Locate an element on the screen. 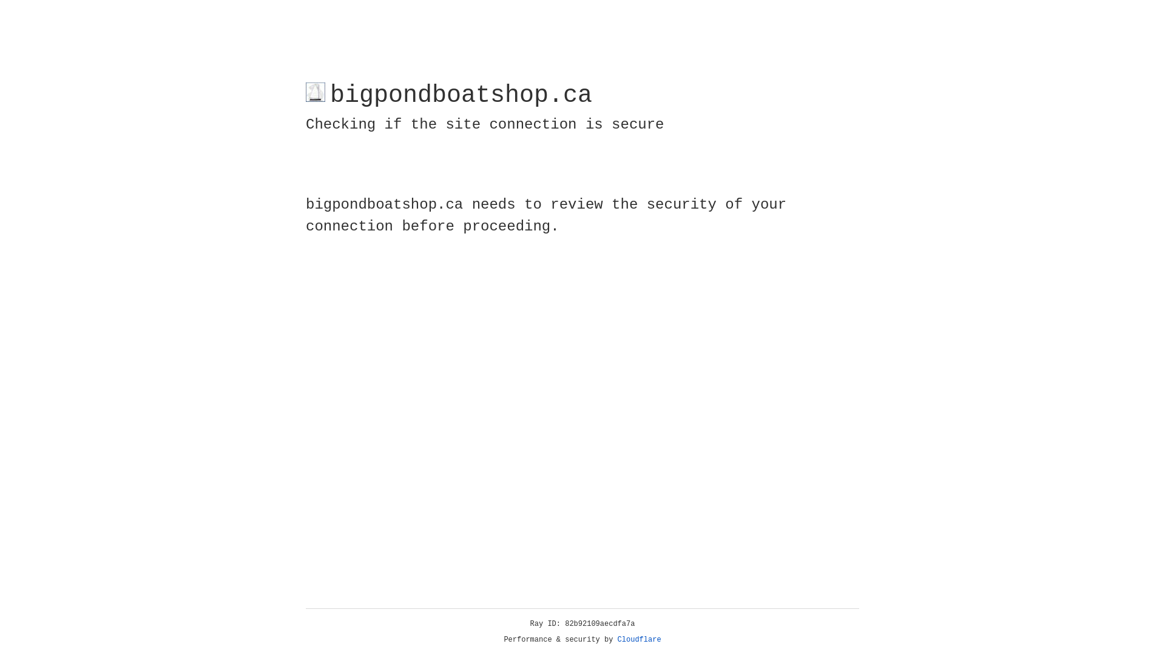  'Cloudflare' is located at coordinates (639, 639).